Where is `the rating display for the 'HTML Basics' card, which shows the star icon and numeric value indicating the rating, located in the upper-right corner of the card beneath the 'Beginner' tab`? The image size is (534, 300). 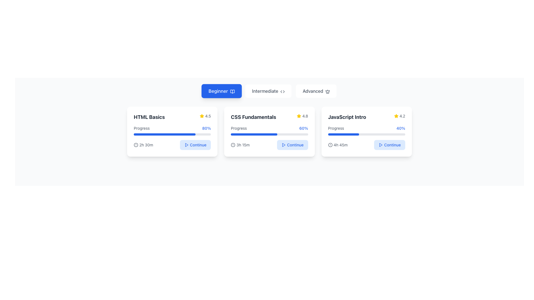 the rating display for the 'HTML Basics' card, which shows the star icon and numeric value indicating the rating, located in the upper-right corner of the card beneath the 'Beginner' tab is located at coordinates (205, 116).